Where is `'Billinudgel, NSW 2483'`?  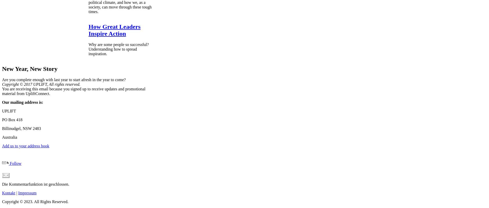 'Billinudgel, NSW 2483' is located at coordinates (21, 128).